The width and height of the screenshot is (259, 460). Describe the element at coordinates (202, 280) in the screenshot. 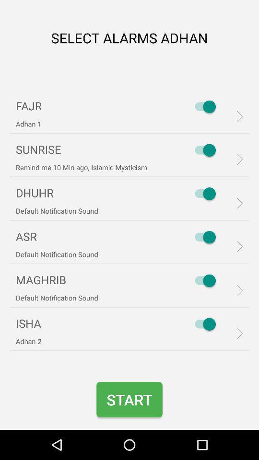

I see `maghrib option turned on` at that location.